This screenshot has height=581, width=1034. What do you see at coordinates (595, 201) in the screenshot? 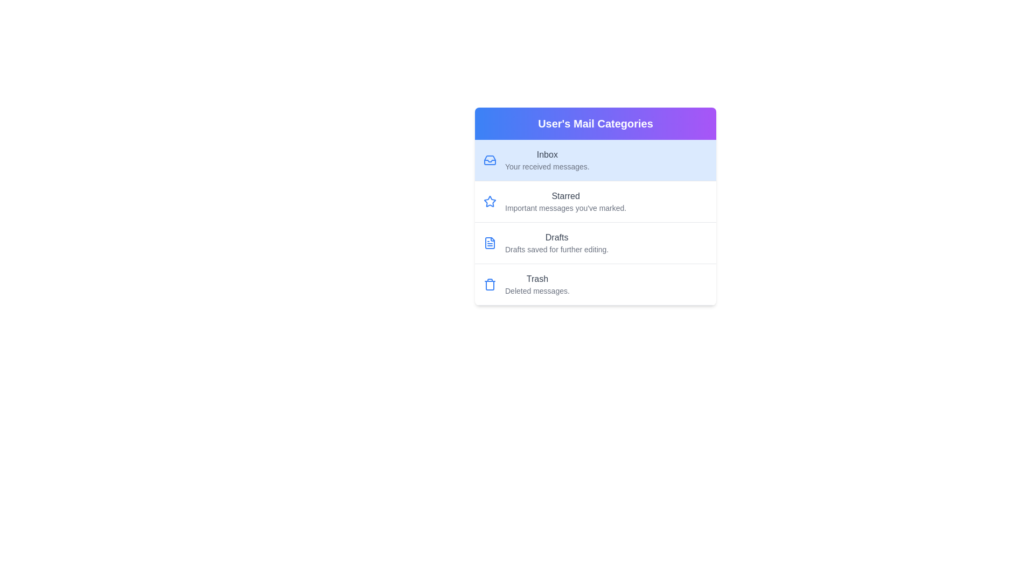
I see `the mail category item corresponding to Starred` at bounding box center [595, 201].